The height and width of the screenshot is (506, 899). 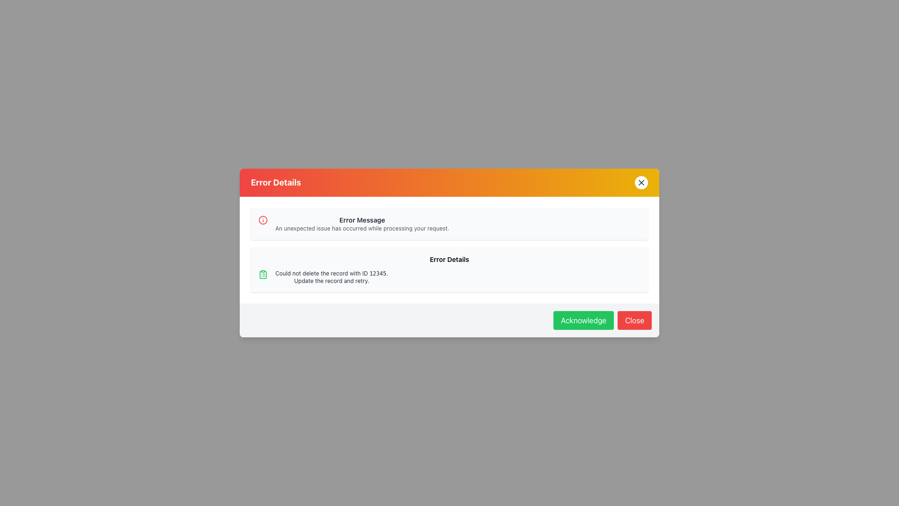 I want to click on the 'Close' button located in the bottom-right corner of the modal dialog, so click(x=634, y=320).